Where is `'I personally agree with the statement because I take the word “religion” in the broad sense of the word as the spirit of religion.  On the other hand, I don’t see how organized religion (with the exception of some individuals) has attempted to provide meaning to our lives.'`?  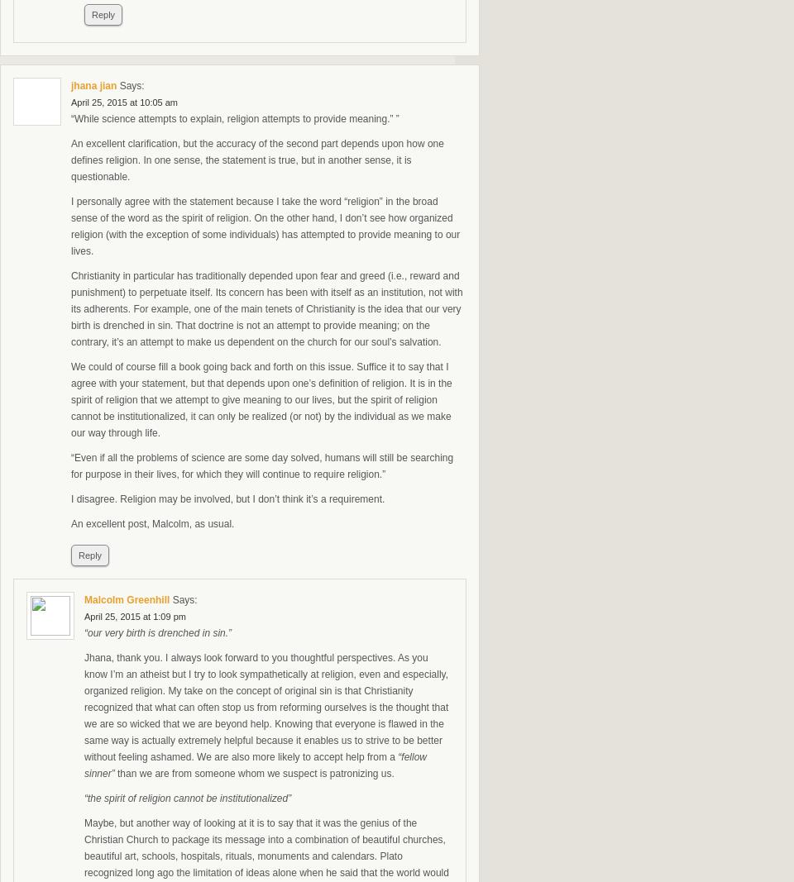 'I personally agree with the statement because I take the word “religion” in the broad sense of the word as the spirit of religion.  On the other hand, I don’t see how organized religion (with the exception of some individuals) has attempted to provide meaning to our lives.' is located at coordinates (265, 226).